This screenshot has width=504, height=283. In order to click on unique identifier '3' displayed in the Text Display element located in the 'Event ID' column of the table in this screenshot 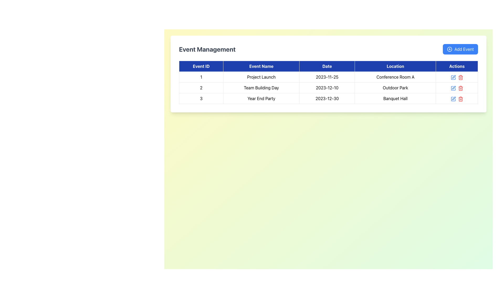, I will do `click(201, 98)`.